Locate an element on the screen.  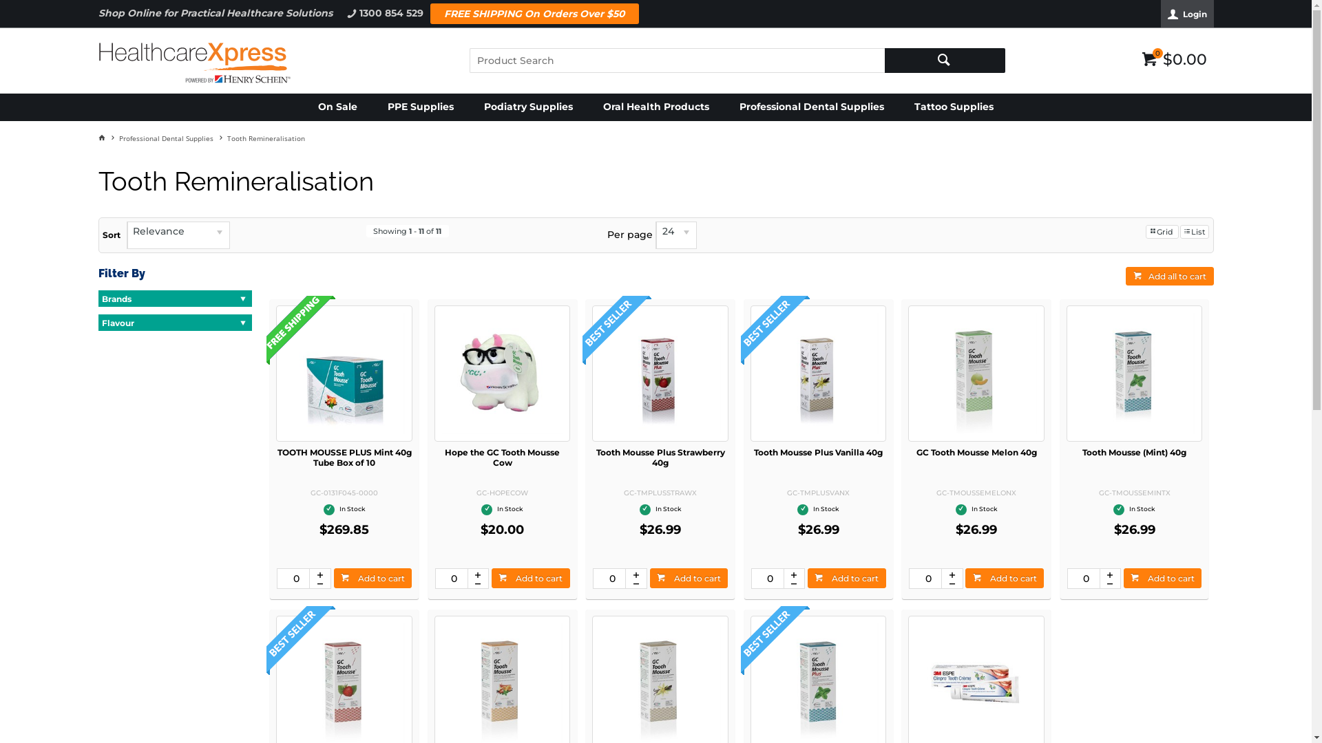
'Professional Dental Supplies' is located at coordinates (171, 138).